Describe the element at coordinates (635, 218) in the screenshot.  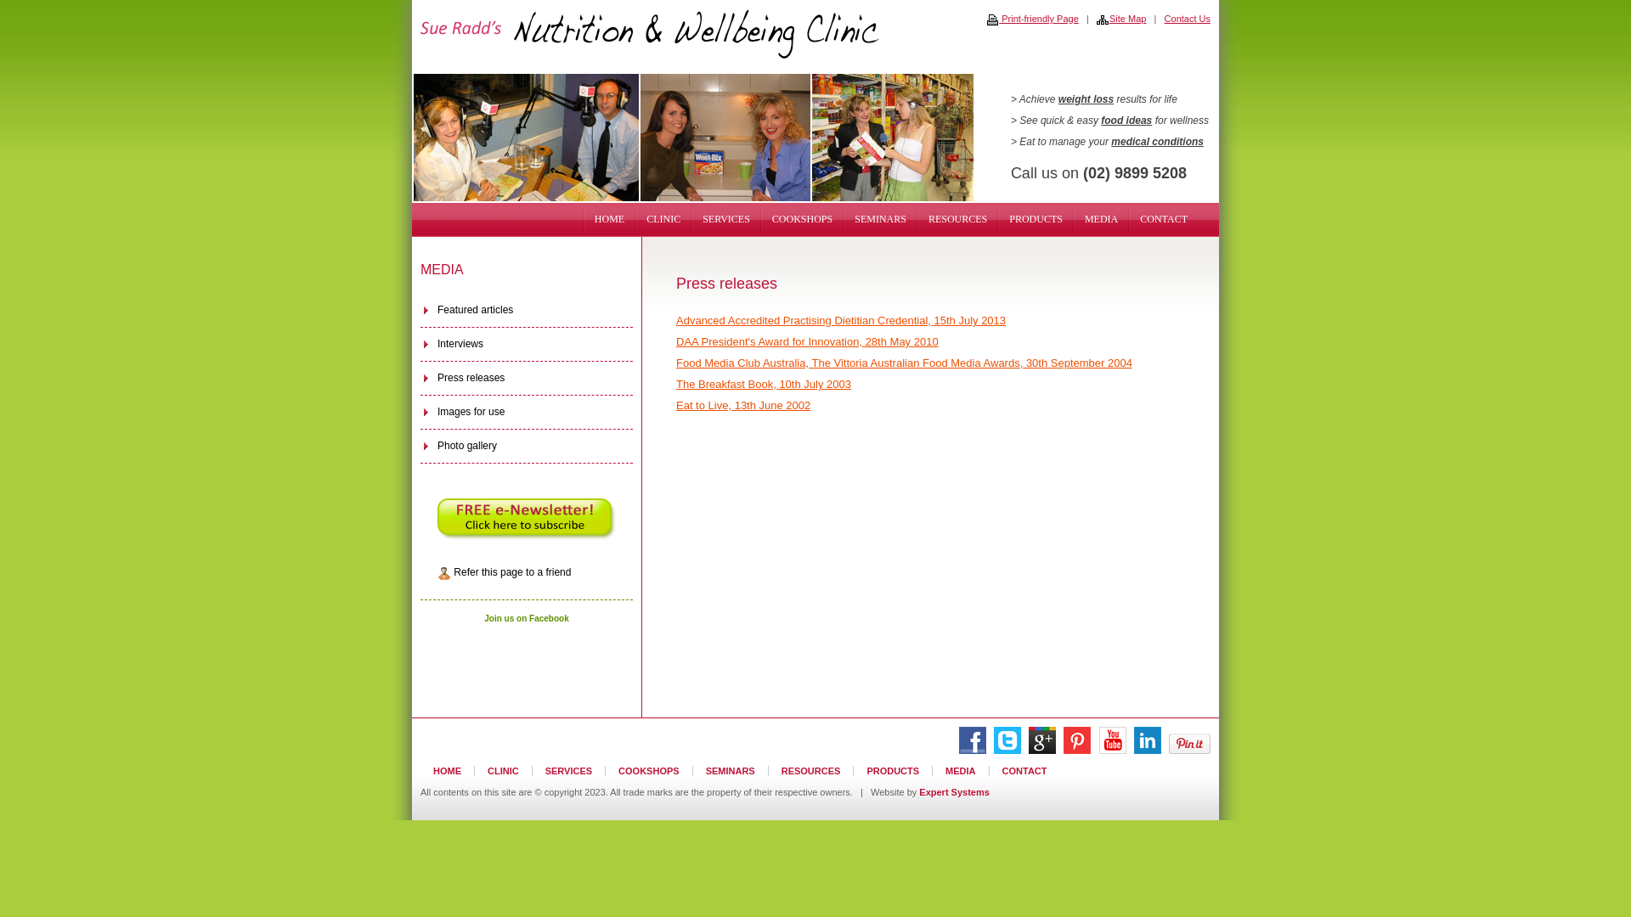
I see `'CLINIC'` at that location.